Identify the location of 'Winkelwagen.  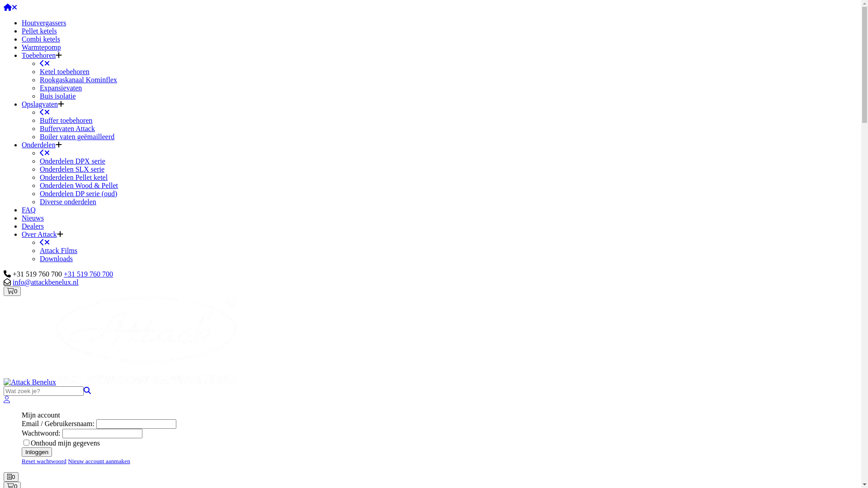
(4, 291).